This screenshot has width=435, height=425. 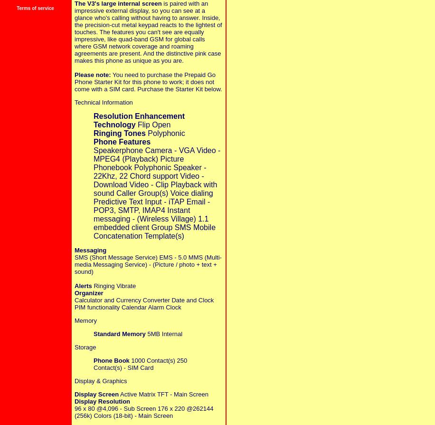 What do you see at coordinates (75, 74) in the screenshot?
I see `'Please note:'` at bounding box center [75, 74].